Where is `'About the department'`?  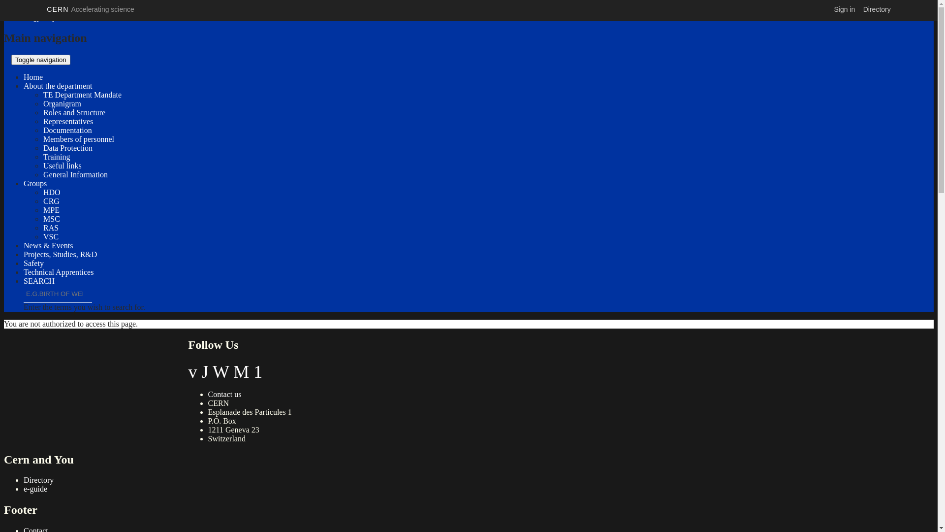
'About the department' is located at coordinates (24, 85).